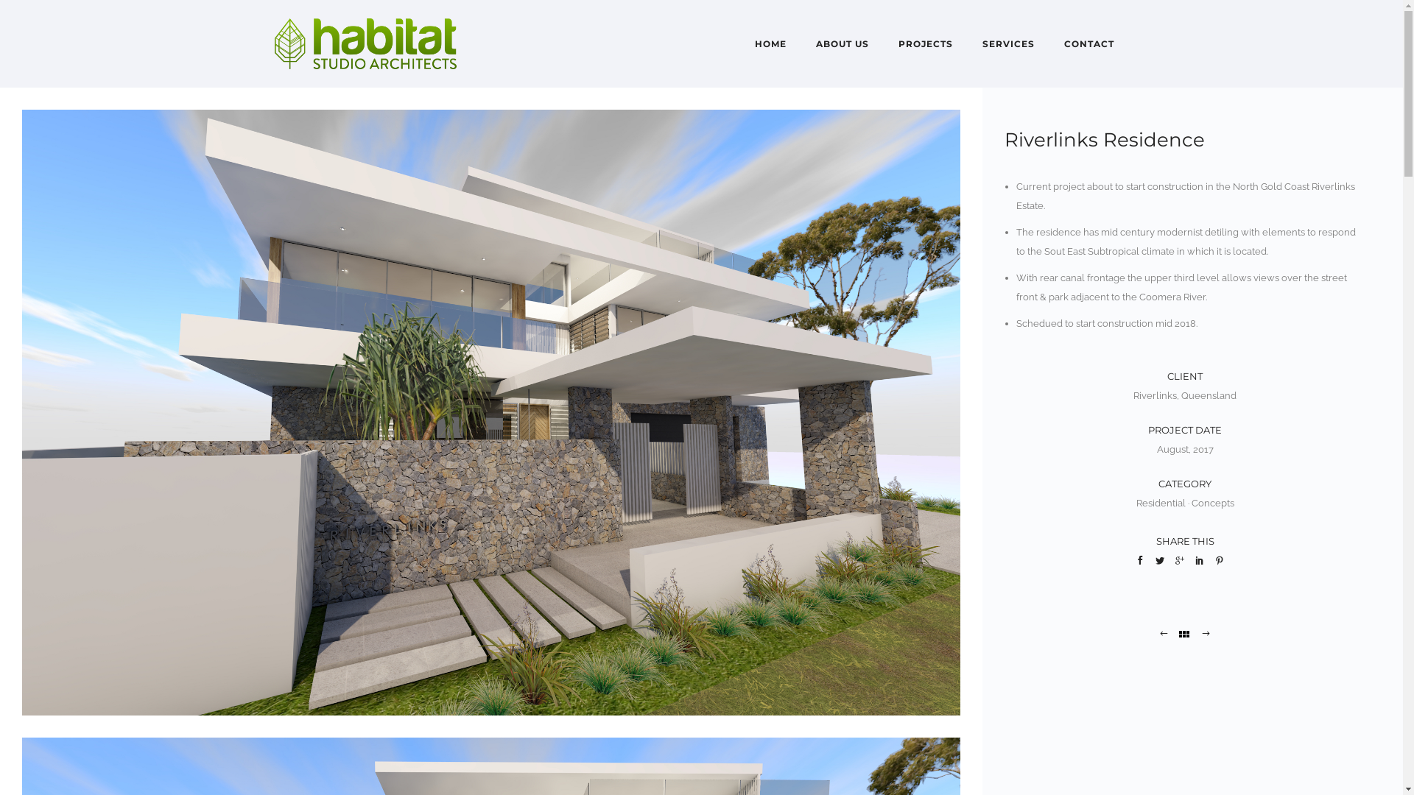  What do you see at coordinates (1088, 43) in the screenshot?
I see `'CONTACT'` at bounding box center [1088, 43].